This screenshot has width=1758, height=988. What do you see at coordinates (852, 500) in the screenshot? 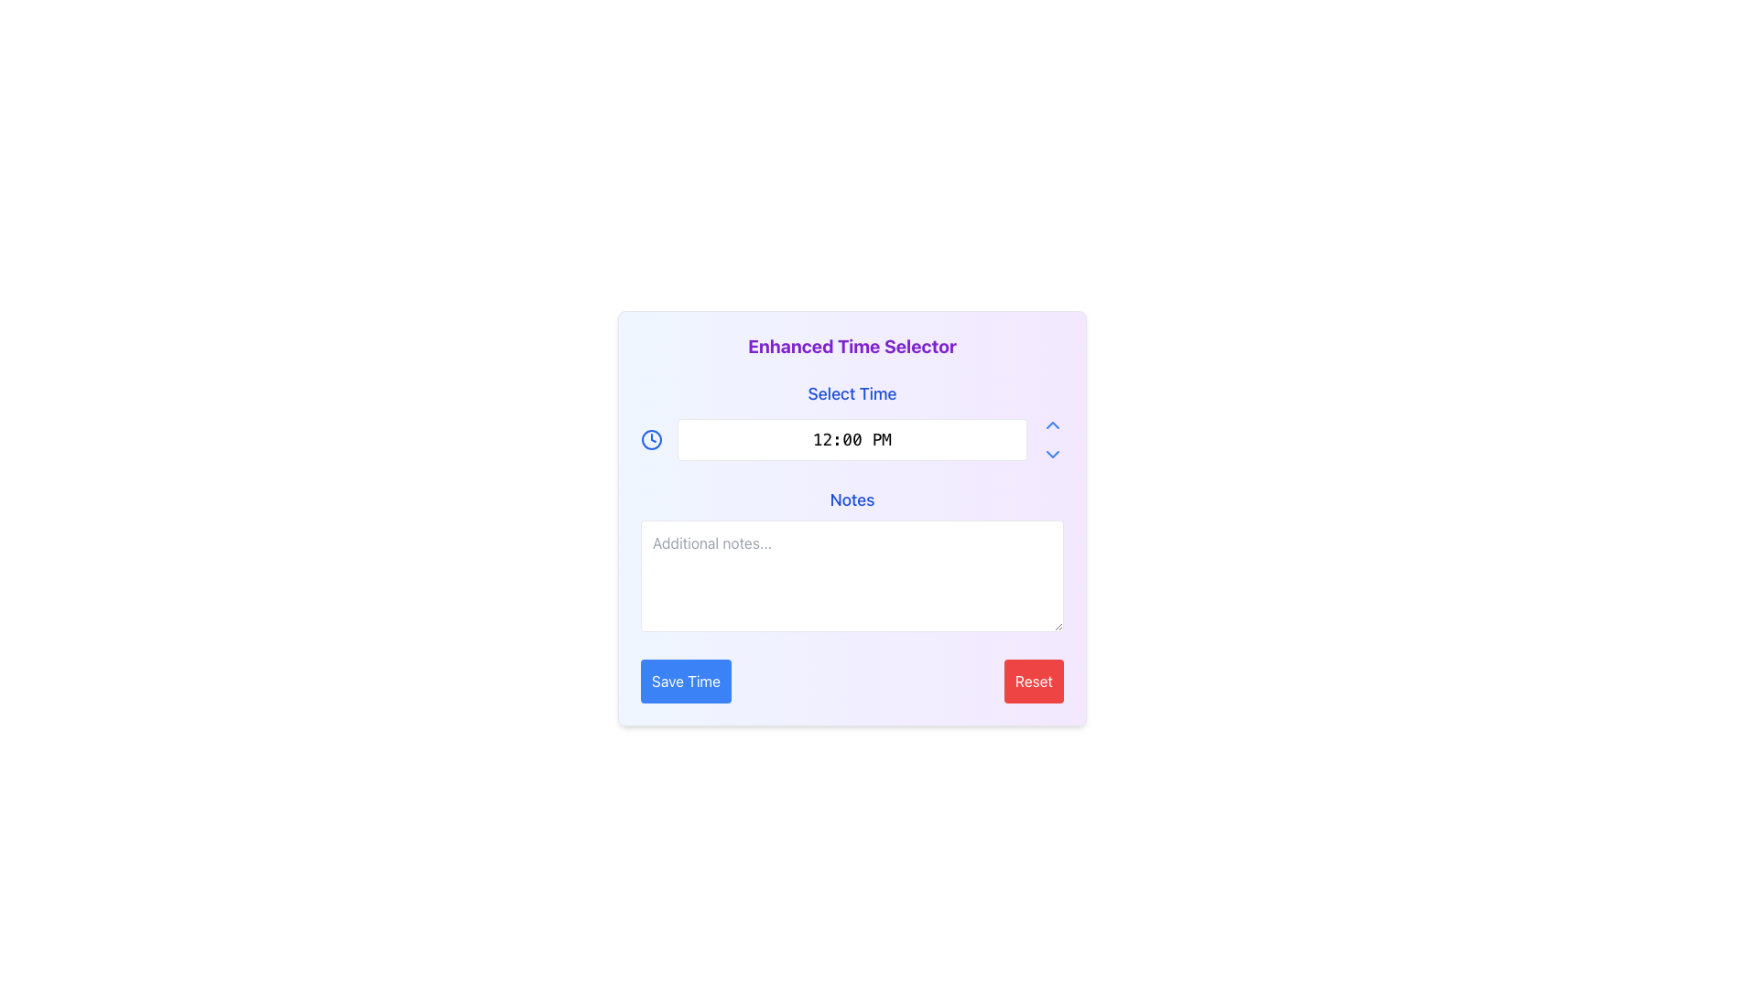
I see `the Text Label that serves as a header for the input field labeled 'Additional notes...', positioned near the center of the interface, directly below the time selection display` at bounding box center [852, 500].